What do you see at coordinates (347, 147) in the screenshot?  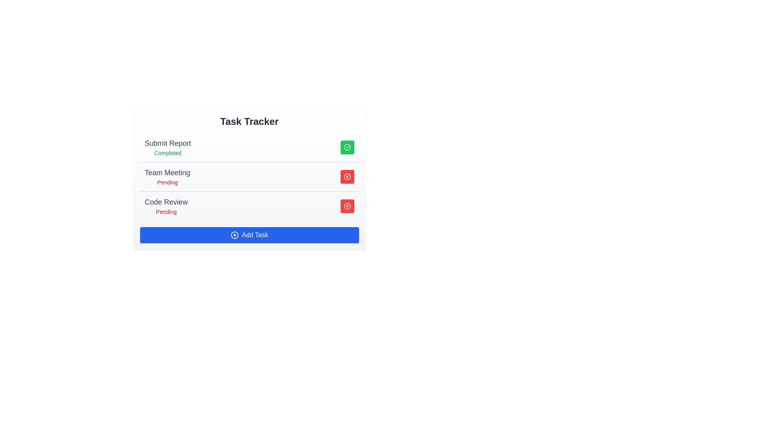 I see `the green circular button with a white outlined checkmark` at bounding box center [347, 147].